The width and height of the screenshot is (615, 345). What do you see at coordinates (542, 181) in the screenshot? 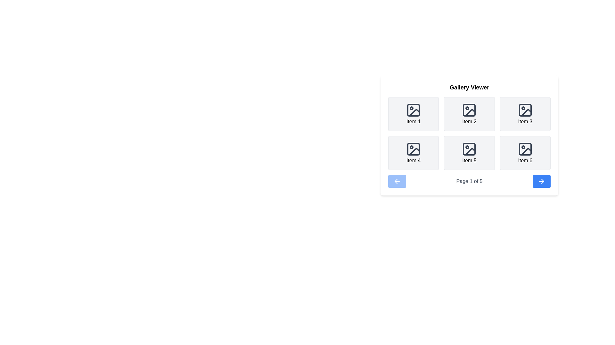
I see `the right-pointing arrow icon within the navigation button located in the gallery viewer's interface` at bounding box center [542, 181].